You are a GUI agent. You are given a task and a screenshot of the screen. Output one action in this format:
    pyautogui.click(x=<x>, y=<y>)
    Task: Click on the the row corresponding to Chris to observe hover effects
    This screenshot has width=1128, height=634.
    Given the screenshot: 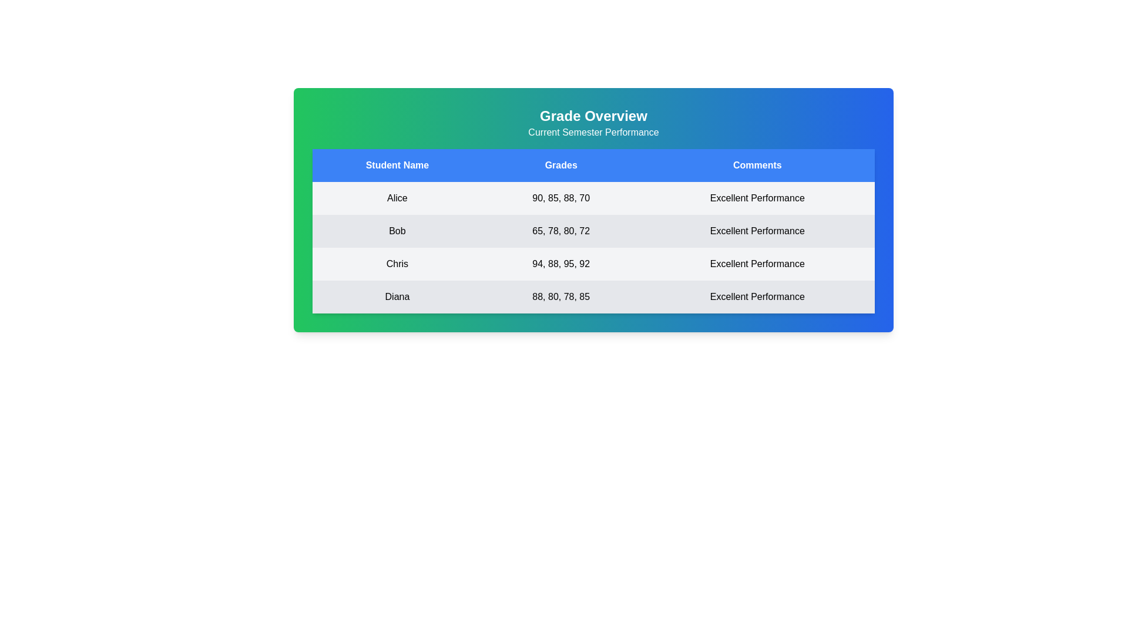 What is the action you would take?
    pyautogui.click(x=593, y=264)
    